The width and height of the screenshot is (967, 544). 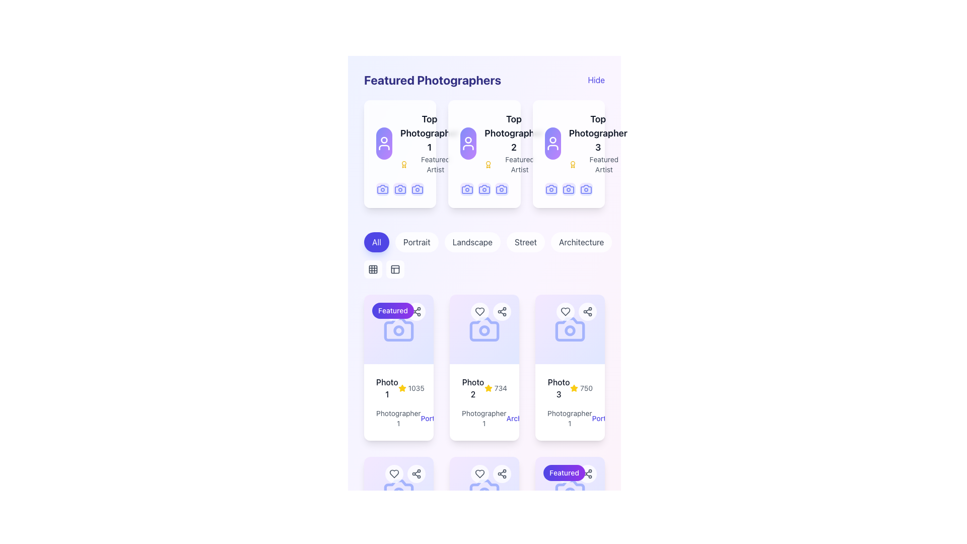 What do you see at coordinates (468, 140) in the screenshot?
I see `the SVG circle representing the head of the user icon in the second card from the left in the 'Featured Photographers' section` at bounding box center [468, 140].